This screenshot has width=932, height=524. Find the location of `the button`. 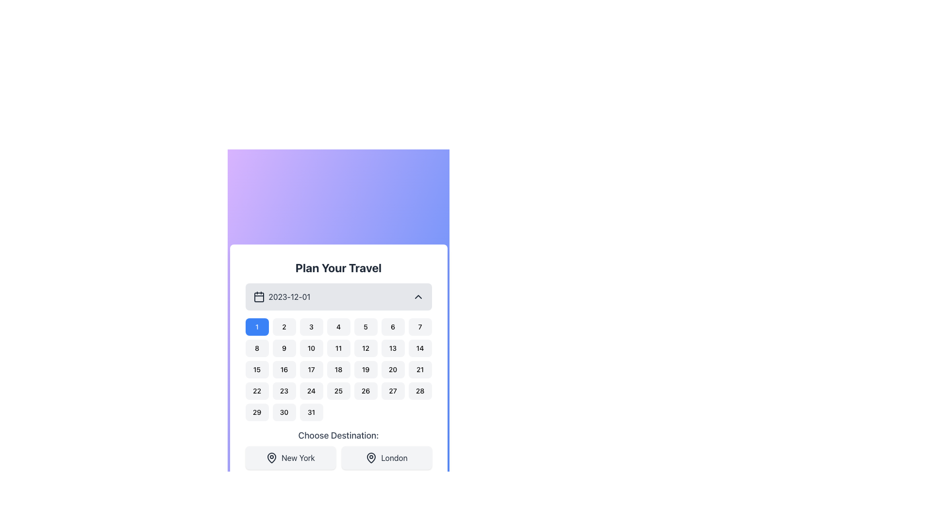

the button is located at coordinates (257, 391).